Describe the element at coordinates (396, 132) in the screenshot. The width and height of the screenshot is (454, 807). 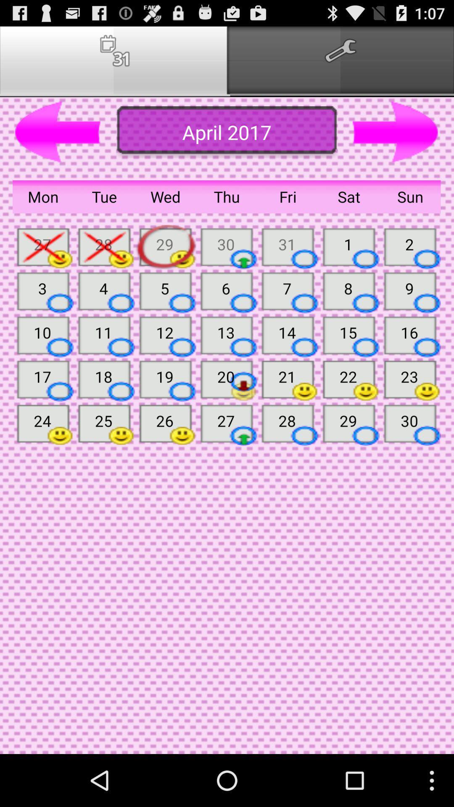
I see `next month` at that location.